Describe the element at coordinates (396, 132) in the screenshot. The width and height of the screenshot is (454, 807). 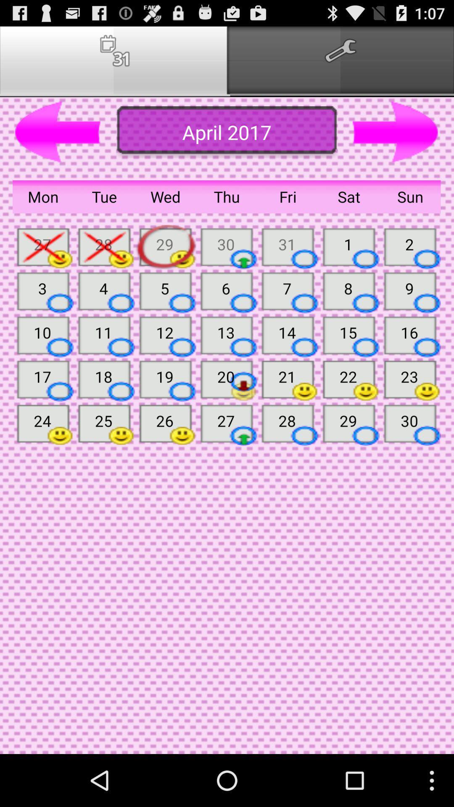
I see `next month` at that location.